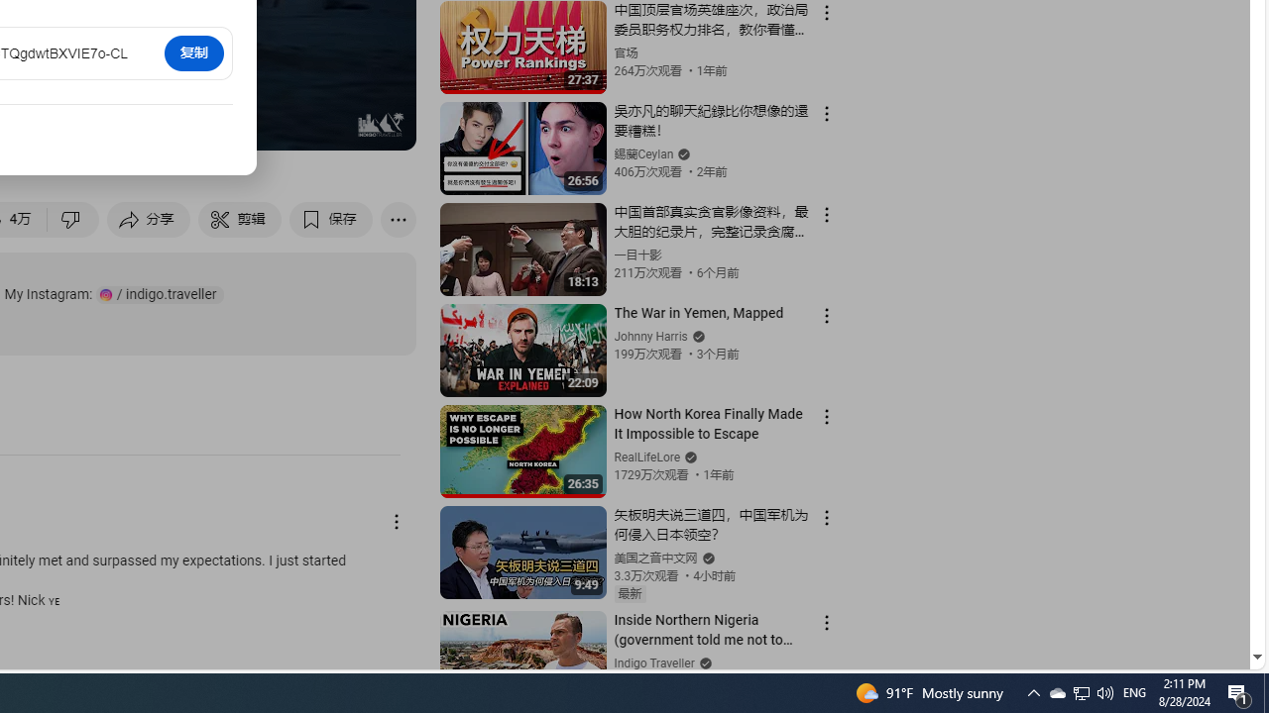  I want to click on 'Instagram Channel Link: indigo.traveller', so click(160, 294).